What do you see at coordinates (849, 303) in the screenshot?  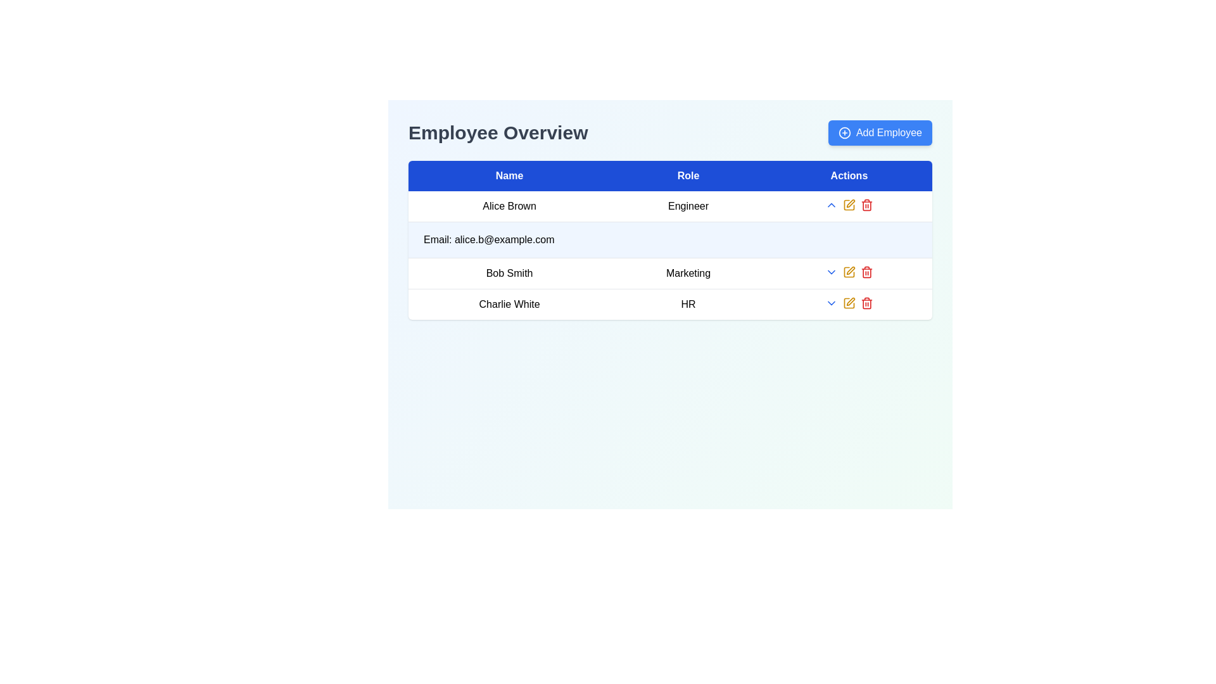 I see `the edit button in the Actions column of the second row of the data table` at bounding box center [849, 303].